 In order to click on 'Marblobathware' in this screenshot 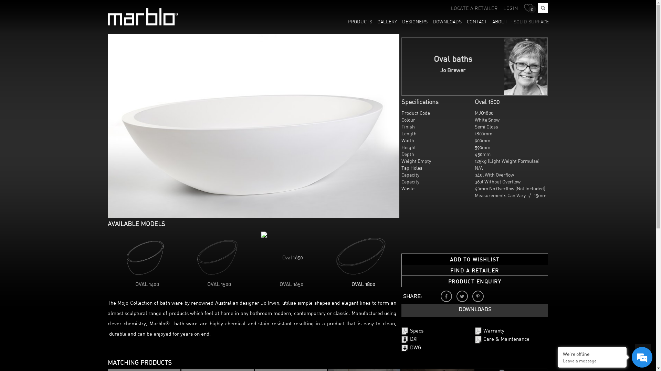, I will do `click(107, 16)`.